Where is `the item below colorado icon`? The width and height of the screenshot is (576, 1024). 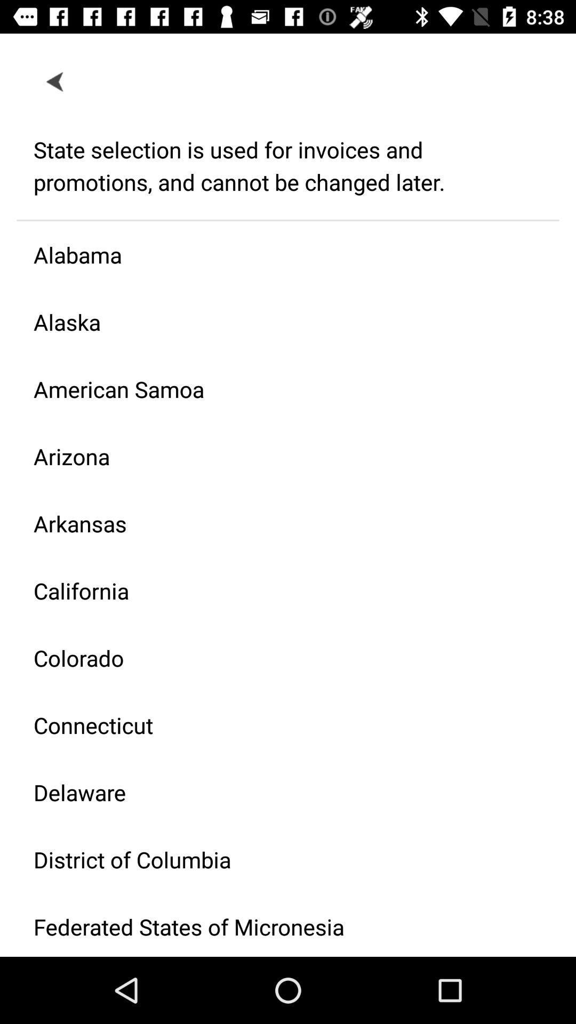 the item below colorado icon is located at coordinates (279, 725).